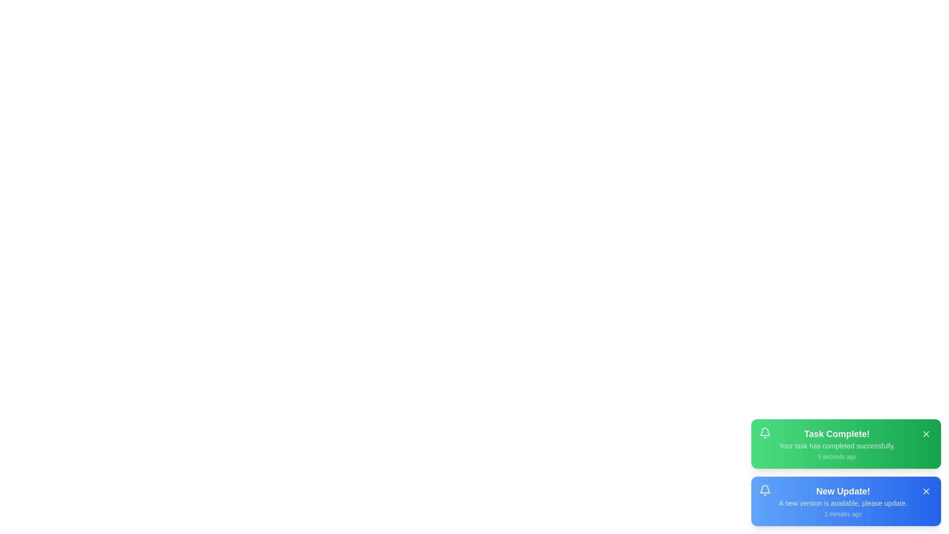 The height and width of the screenshot is (534, 949). What do you see at coordinates (765, 490) in the screenshot?
I see `the notification icon bell for the notification New Update!` at bounding box center [765, 490].